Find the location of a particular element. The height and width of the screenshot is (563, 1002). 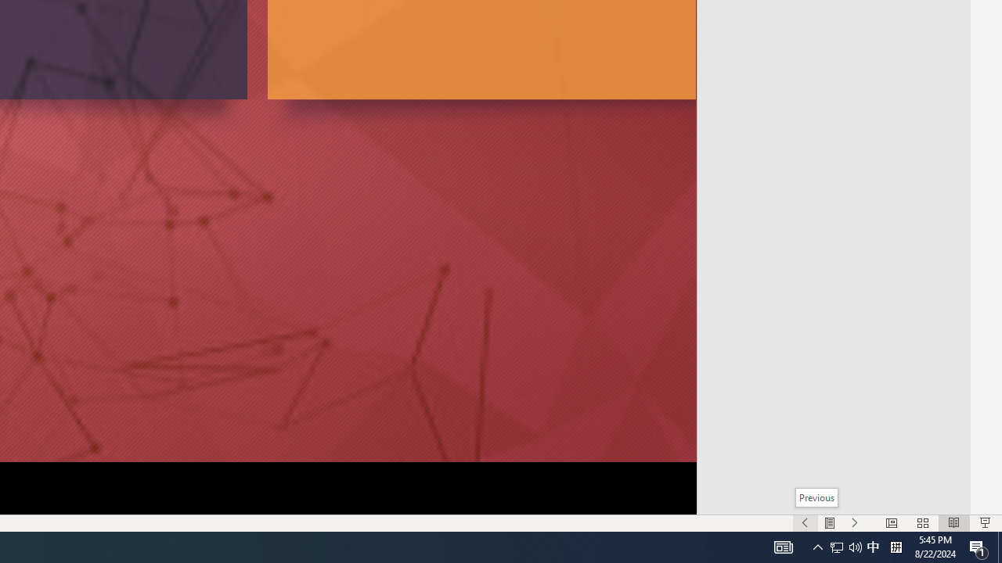

'Previous' is located at coordinates (816, 497).